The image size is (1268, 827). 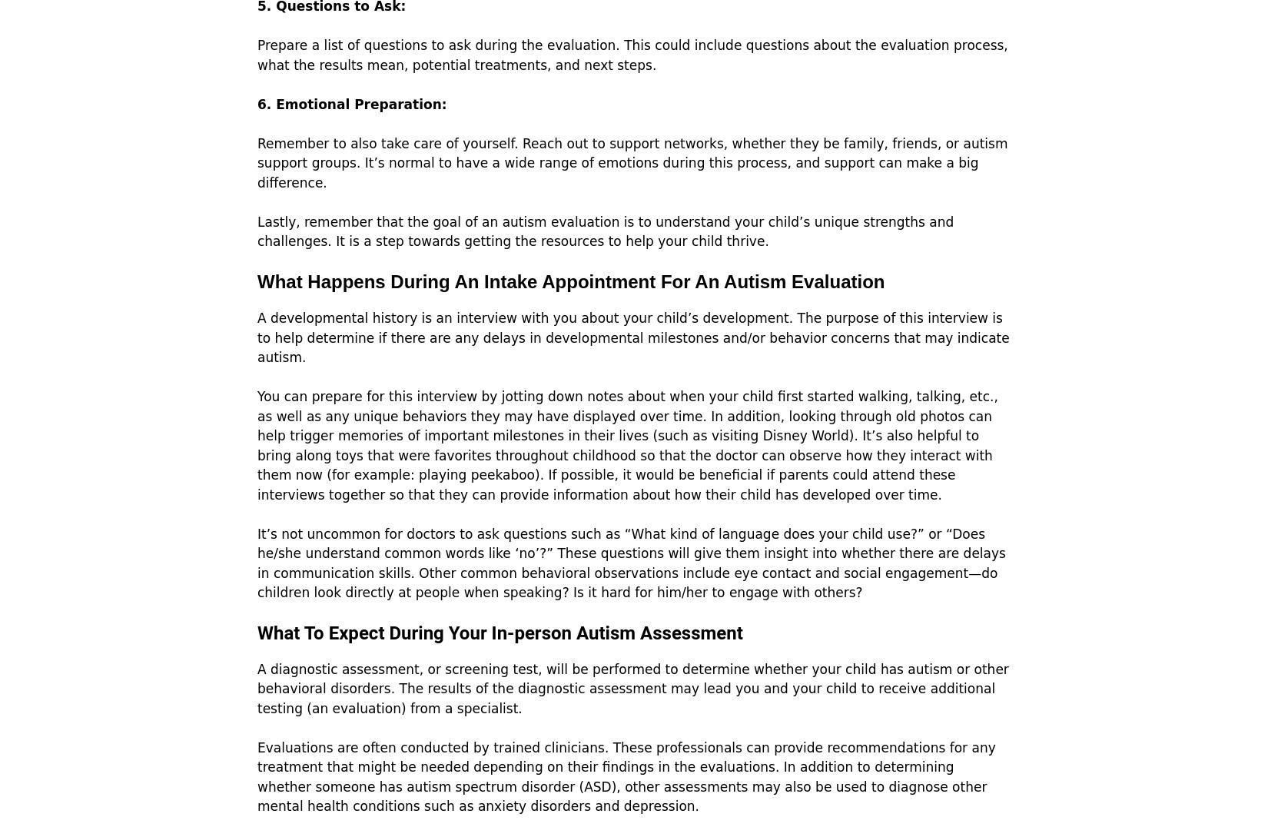 What do you see at coordinates (625, 776) in the screenshot?
I see `'Evaluations are often conducted by trained clinicians. These professionals can provide recommendations for any treatment that might be needed depending on their findings in the evaluations. In addition to determining whether someone has autism spectrum disorder (ASD), other assessments may also be used to diagnose other mental health conditions such as anxiety disorders and depression.'` at bounding box center [625, 776].